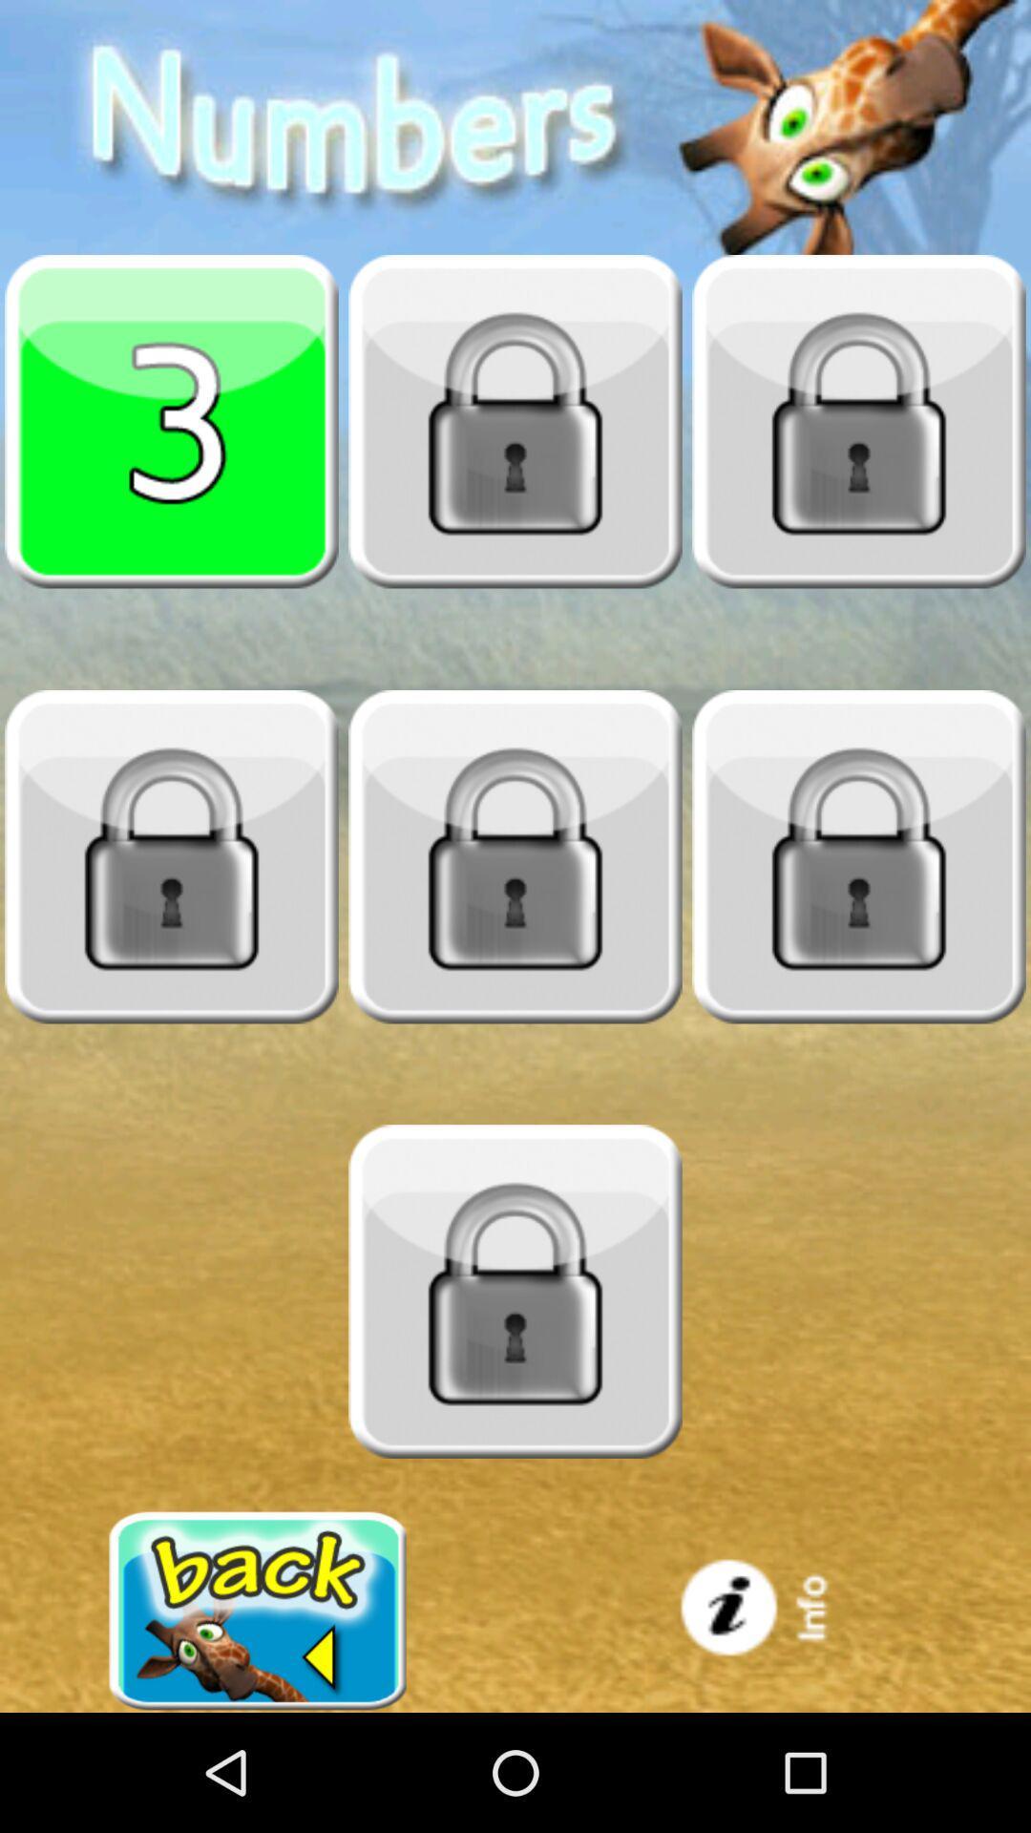 This screenshot has height=1833, width=1031. What do you see at coordinates (857, 855) in the screenshot?
I see `unlock another number` at bounding box center [857, 855].